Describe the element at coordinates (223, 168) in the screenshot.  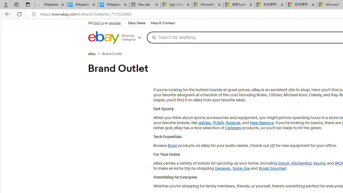
I see `'Generac'` at that location.